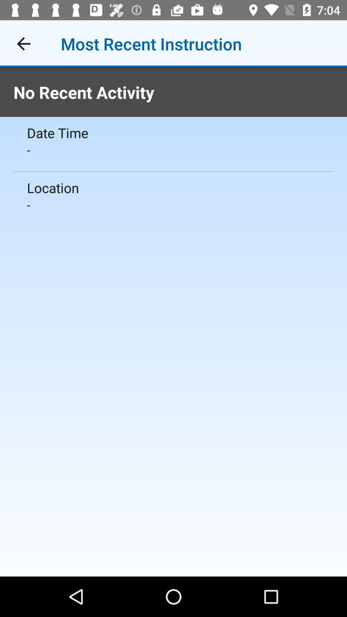 This screenshot has height=617, width=347. What do you see at coordinates (173, 187) in the screenshot?
I see `location item` at bounding box center [173, 187].